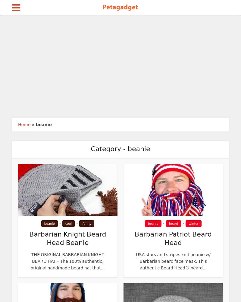 The width and height of the screenshot is (241, 302). Describe the element at coordinates (173, 238) in the screenshot. I see `'Barbarian Patriot Beard Head'` at that location.